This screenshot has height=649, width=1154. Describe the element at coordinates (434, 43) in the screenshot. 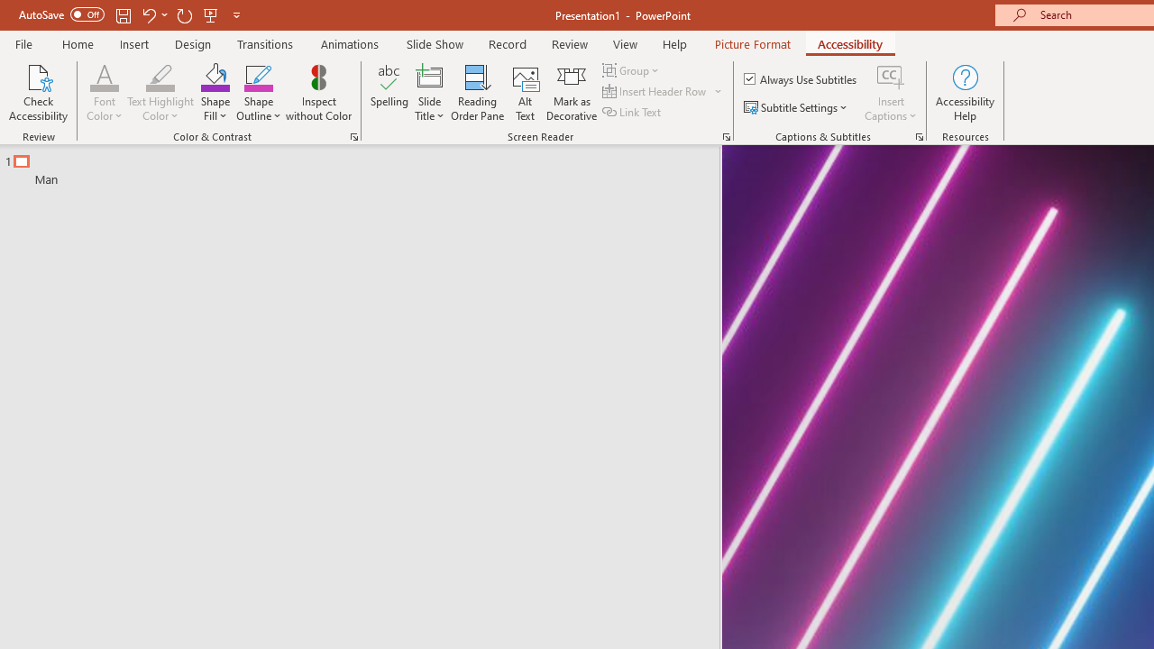

I see `'Slide Show'` at that location.